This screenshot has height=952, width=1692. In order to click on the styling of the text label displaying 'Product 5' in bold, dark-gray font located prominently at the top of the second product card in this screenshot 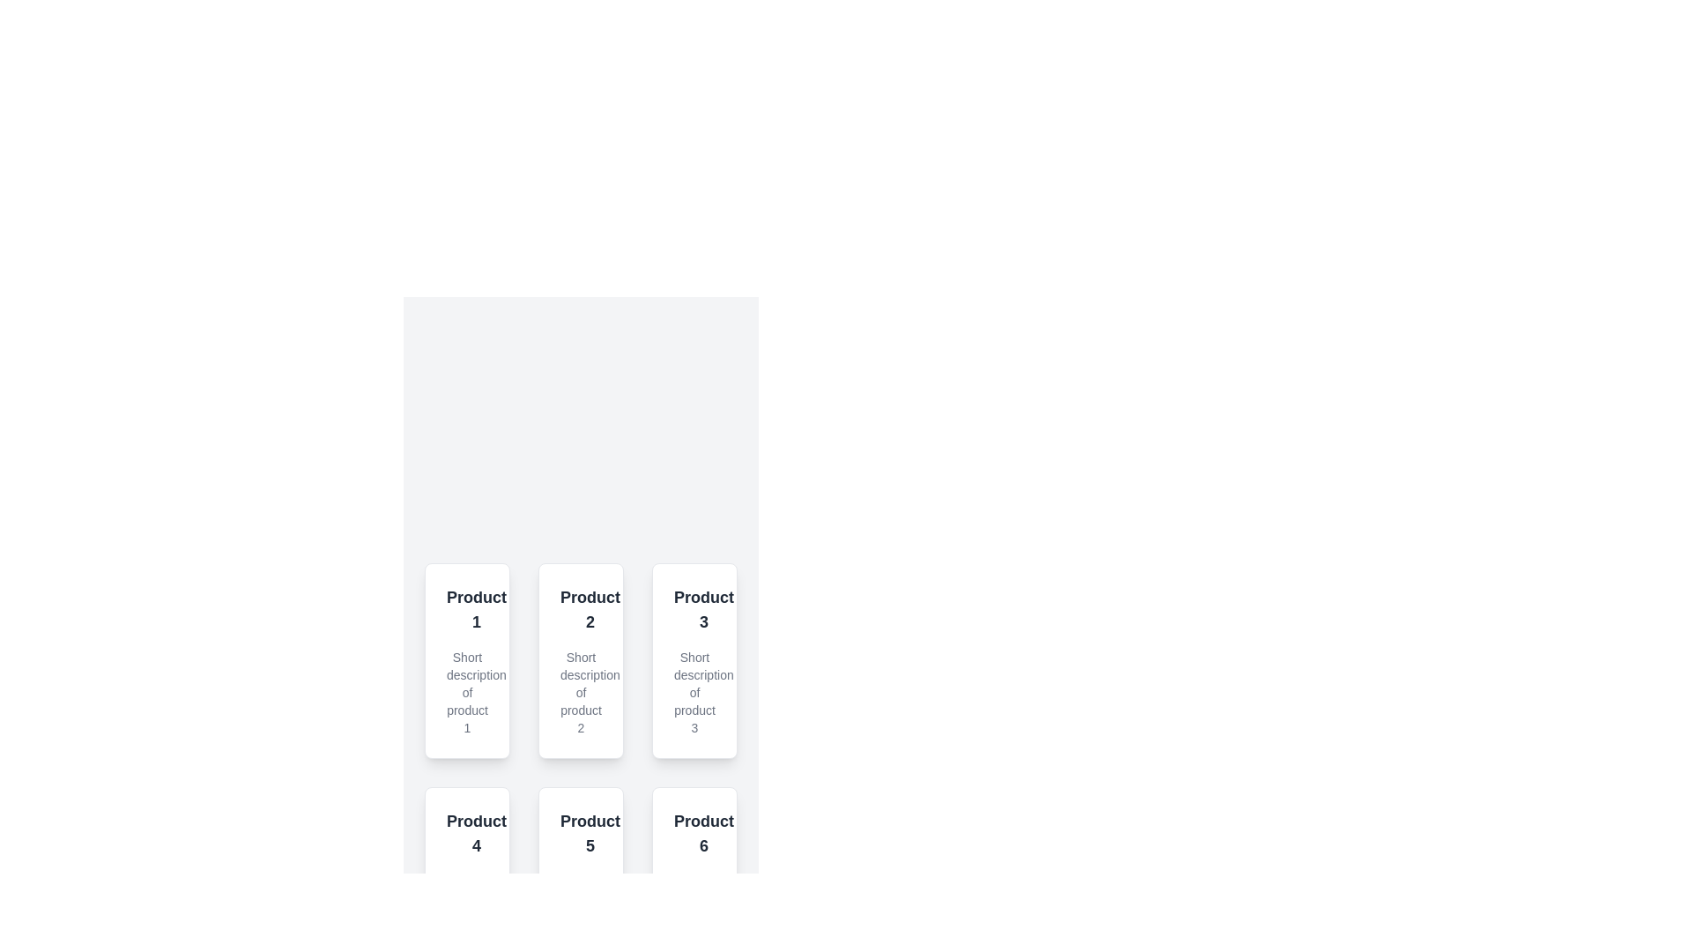, I will do `click(581, 833)`.